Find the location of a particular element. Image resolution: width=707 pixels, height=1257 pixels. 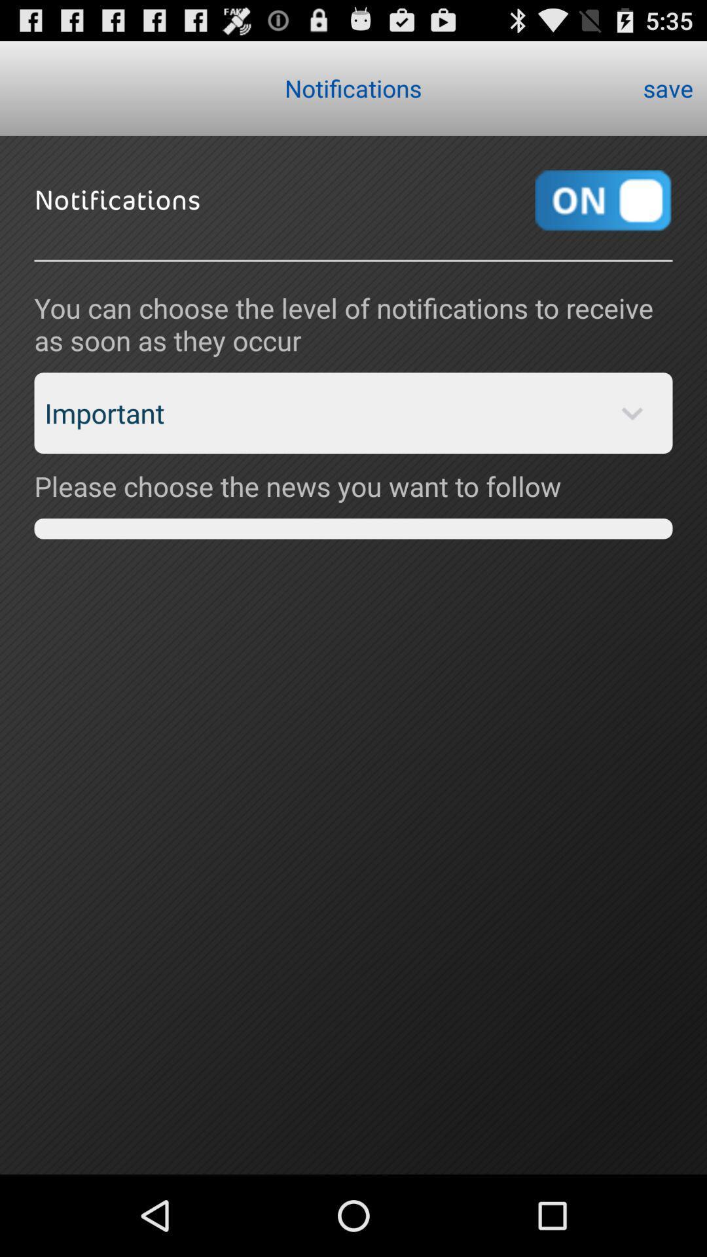

the app to the right of the notifications icon is located at coordinates (668, 87).